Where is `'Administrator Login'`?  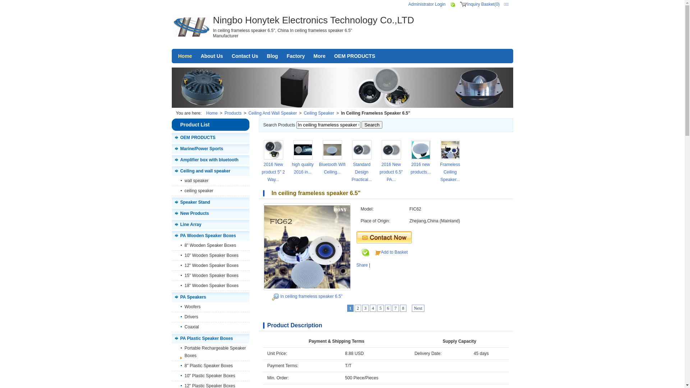 'Administrator Login' is located at coordinates (427, 4).